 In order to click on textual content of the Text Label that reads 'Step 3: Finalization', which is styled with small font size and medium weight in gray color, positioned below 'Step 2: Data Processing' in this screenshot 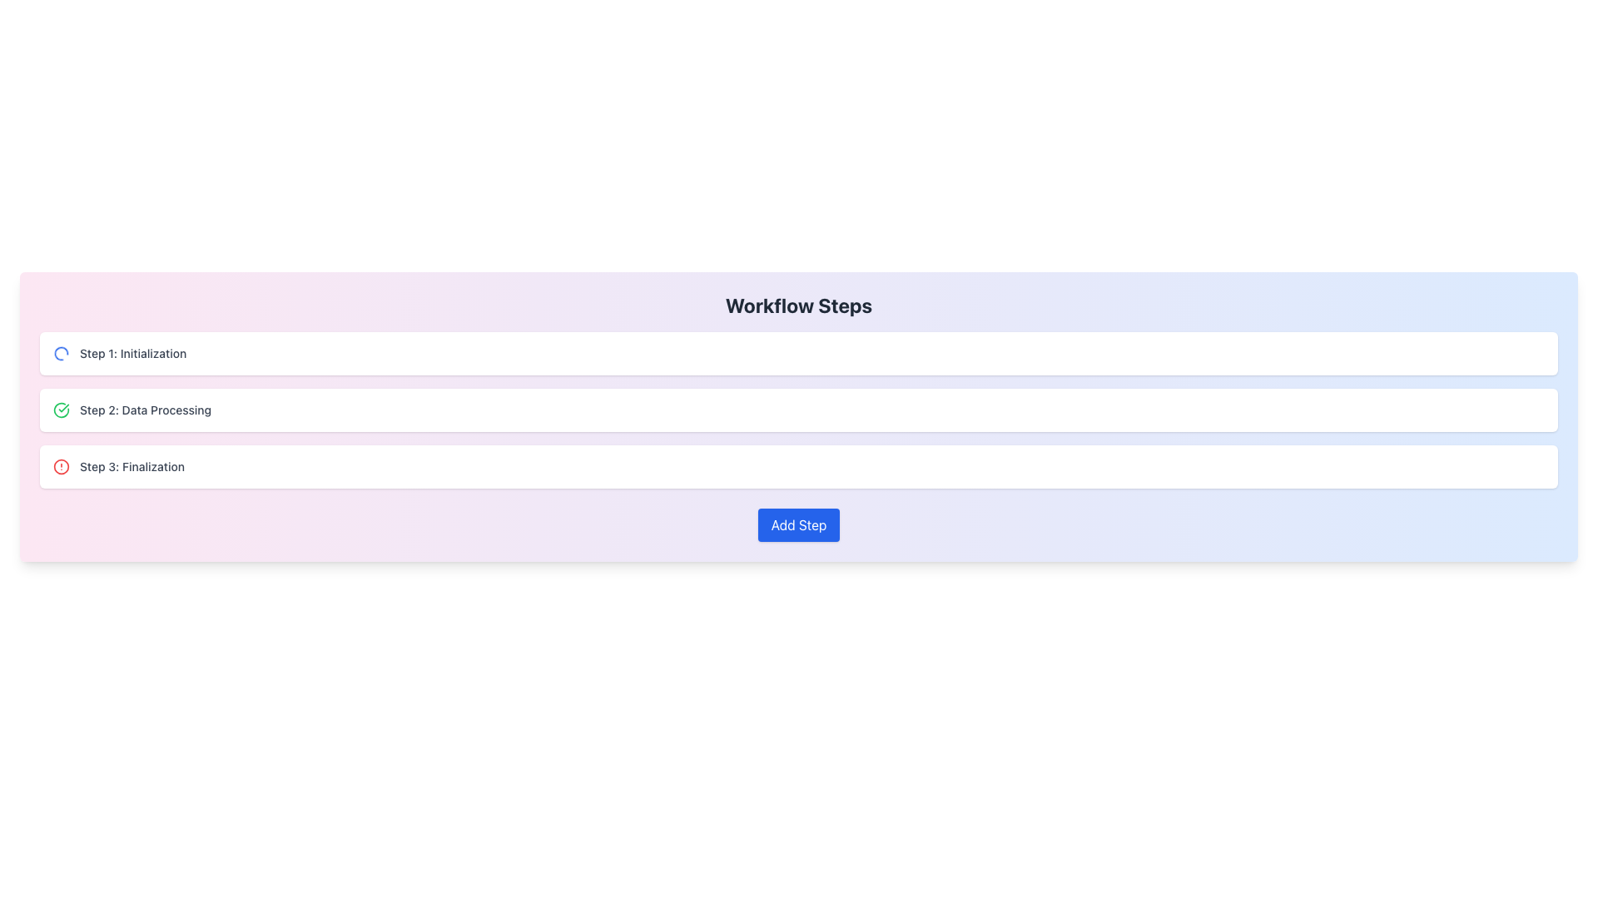, I will do `click(131, 466)`.